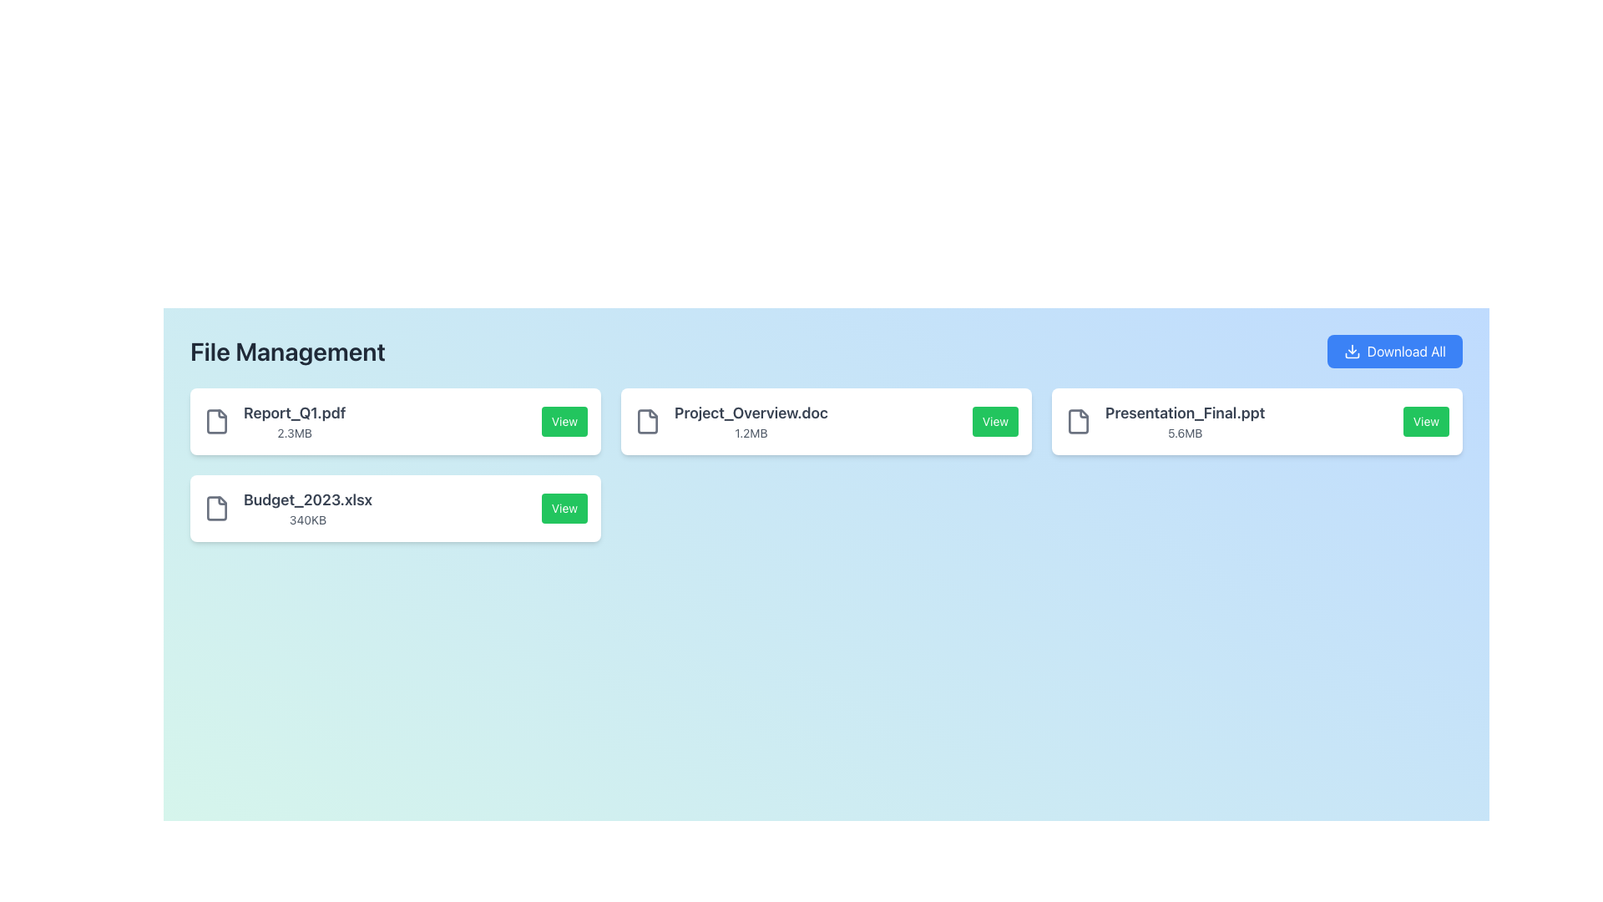  Describe the element at coordinates (1394, 350) in the screenshot. I see `the 'Download All' button located in the header section on the right side, which has a bright blue background and a downward arrow icon` at that location.